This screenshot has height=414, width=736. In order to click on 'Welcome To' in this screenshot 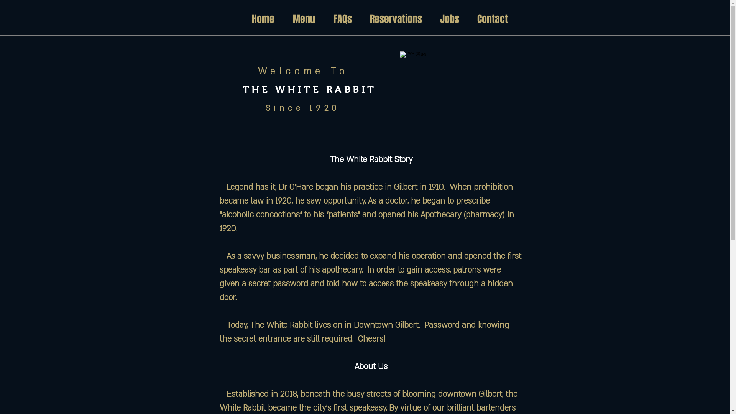, I will do `click(302, 71)`.